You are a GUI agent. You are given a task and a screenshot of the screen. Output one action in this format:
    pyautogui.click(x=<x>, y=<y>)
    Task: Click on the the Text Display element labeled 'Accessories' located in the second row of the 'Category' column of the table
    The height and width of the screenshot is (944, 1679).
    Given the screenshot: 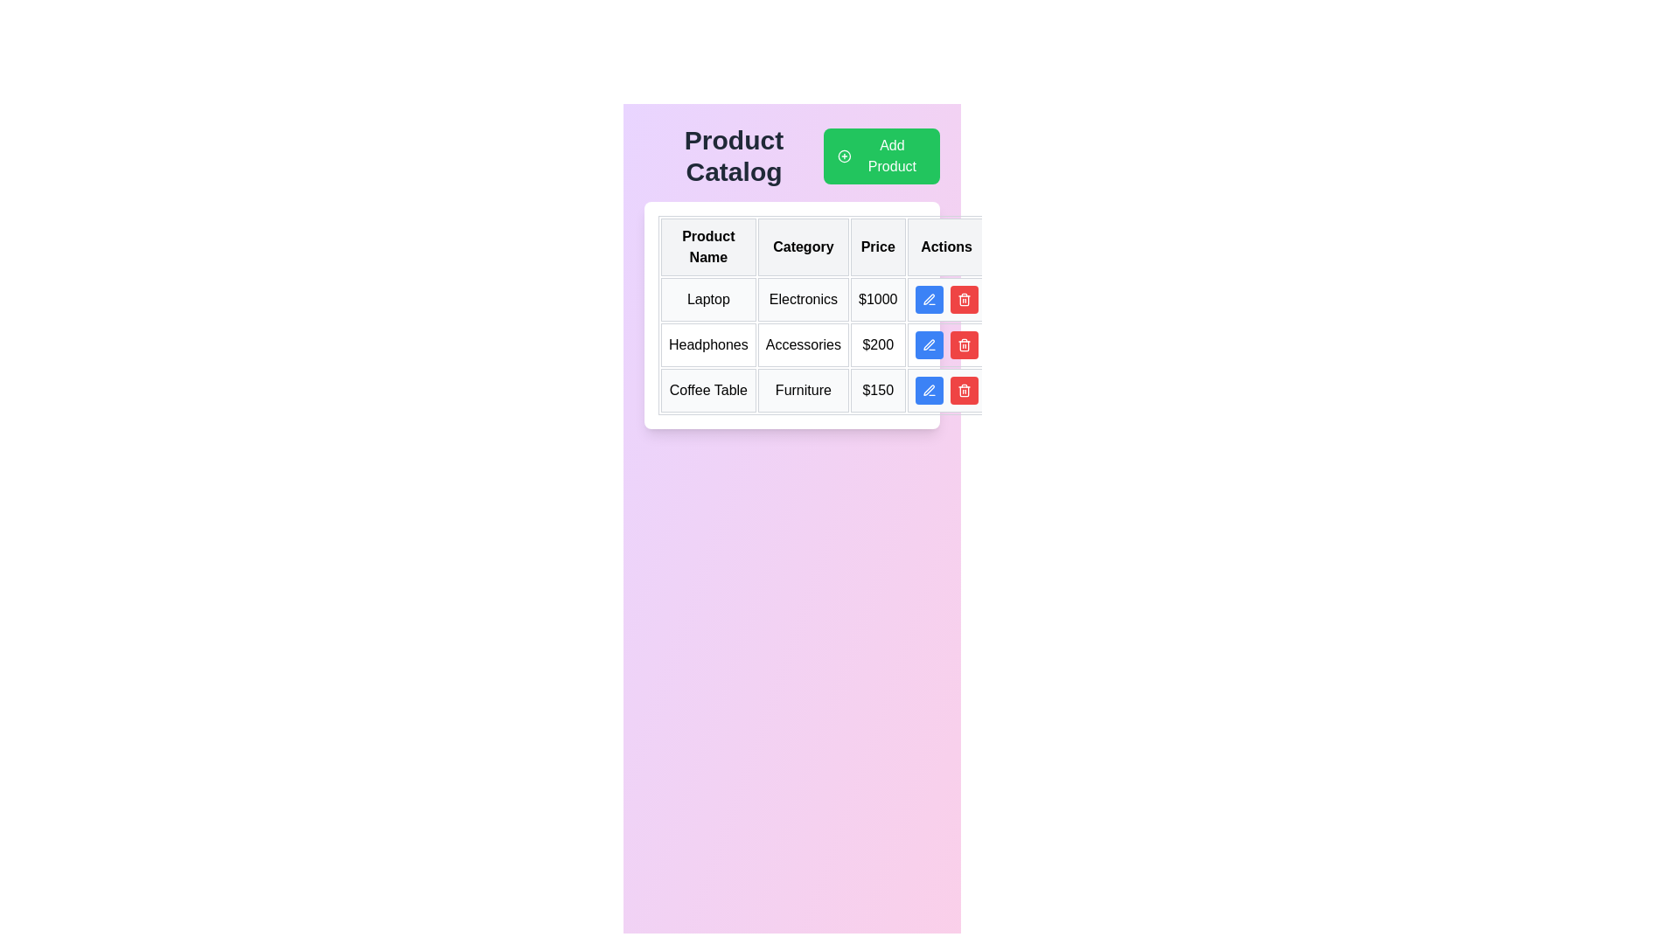 What is the action you would take?
    pyautogui.click(x=802, y=344)
    